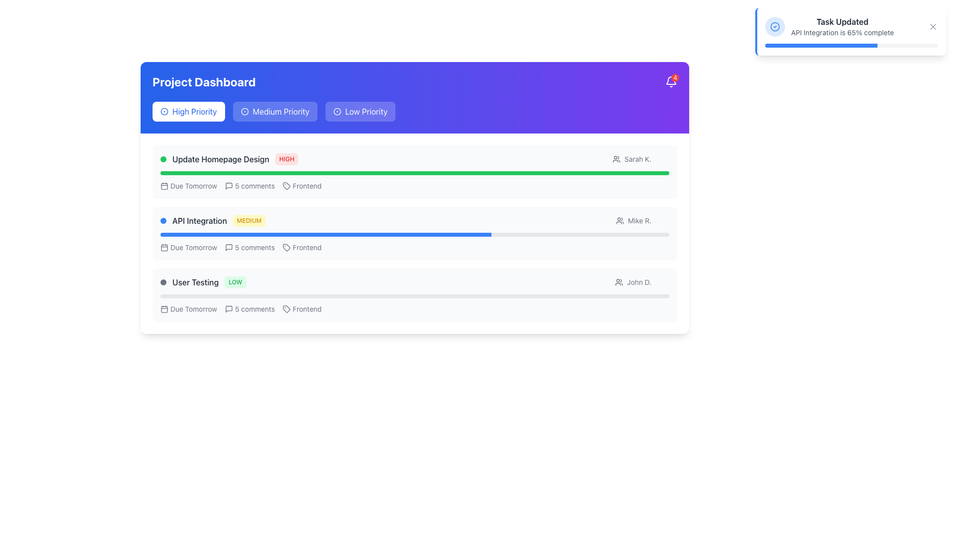  Describe the element at coordinates (641, 158) in the screenshot. I see `the user group icon next to the text 'Sarah K.' in the top-right section of the 'Update Homepage Design' row in the 'Project Dashboard'` at that location.